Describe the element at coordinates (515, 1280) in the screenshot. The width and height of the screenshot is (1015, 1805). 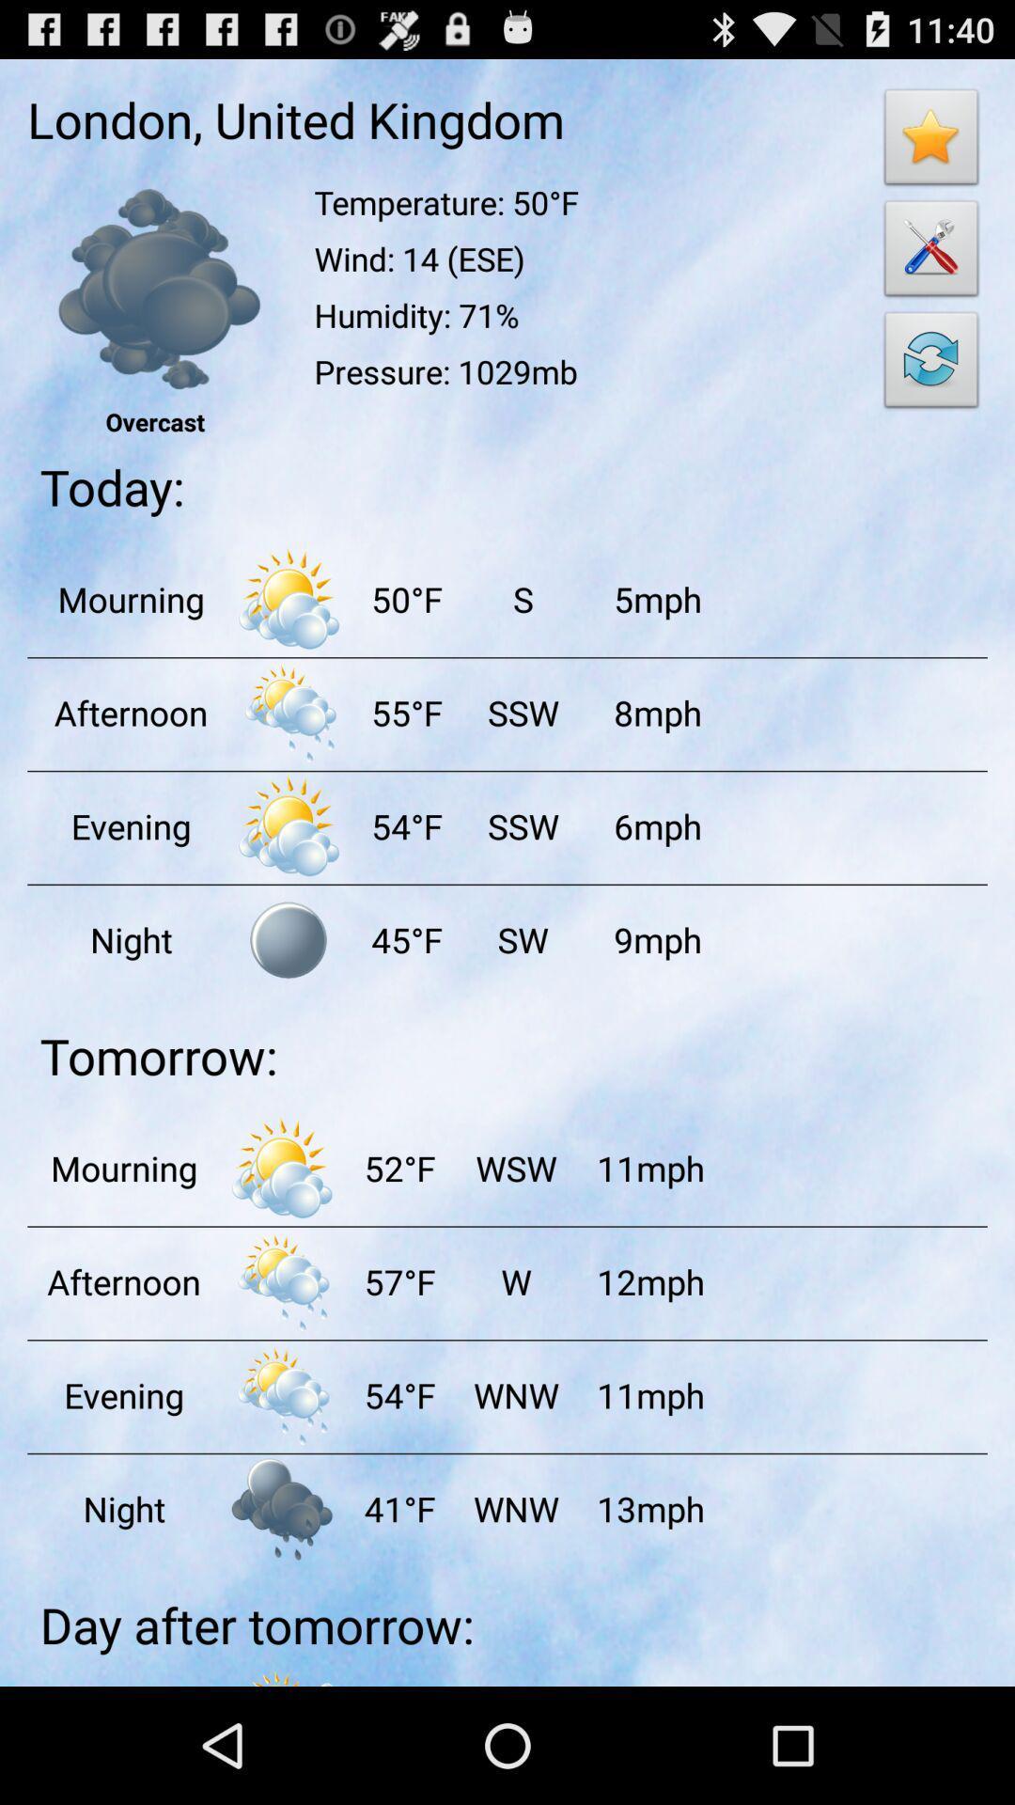
I see `w app` at that location.